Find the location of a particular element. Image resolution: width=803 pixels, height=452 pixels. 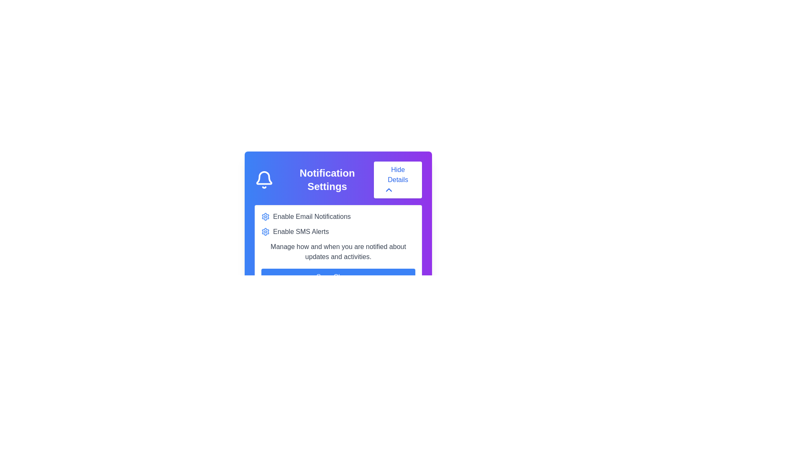

the header titled 'Notification Settings' is located at coordinates (338, 179).